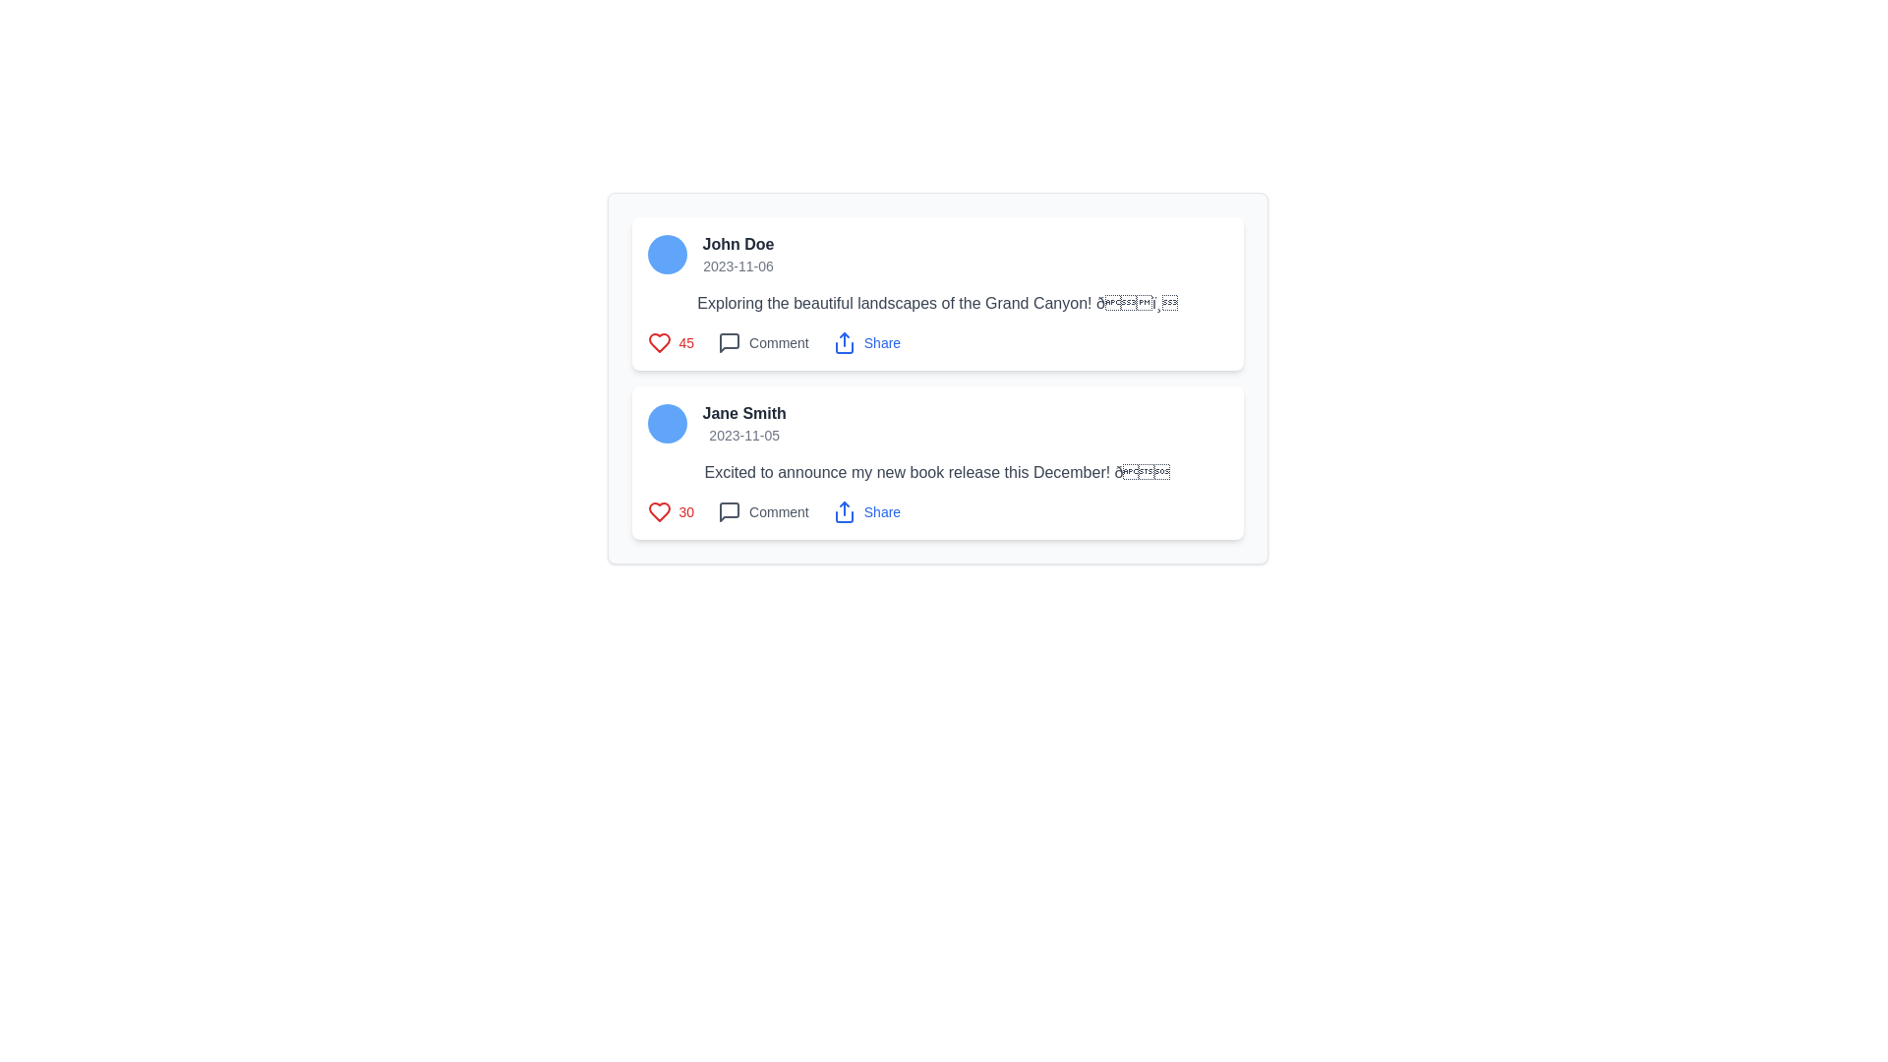 Image resolution: width=1888 pixels, height=1062 pixels. I want to click on the heart-shaped icon located at the beginning of the interactive features row in Jane Smith's post to express a positive reaction, so click(659, 510).